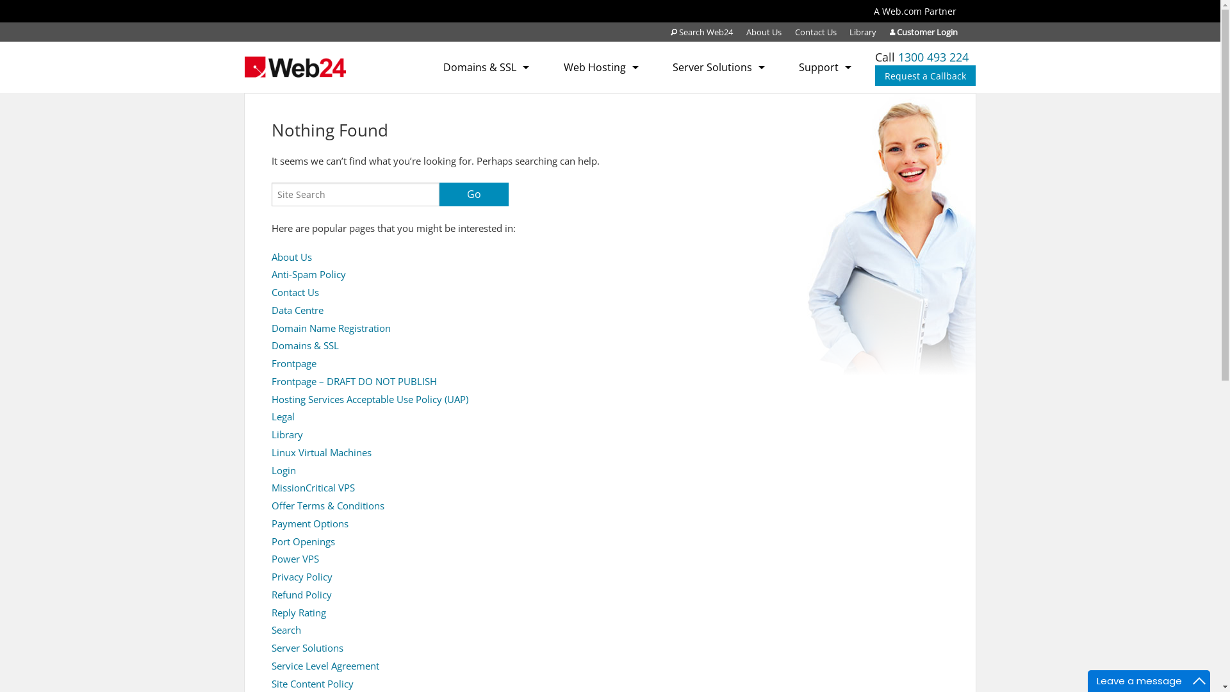 Image resolution: width=1230 pixels, height=692 pixels. Describe the element at coordinates (310, 523) in the screenshot. I see `'Payment Options'` at that location.